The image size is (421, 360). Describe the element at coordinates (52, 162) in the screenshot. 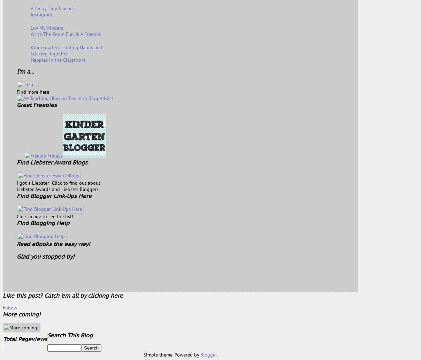

I see `'Find Liebster Award Blogs'` at that location.